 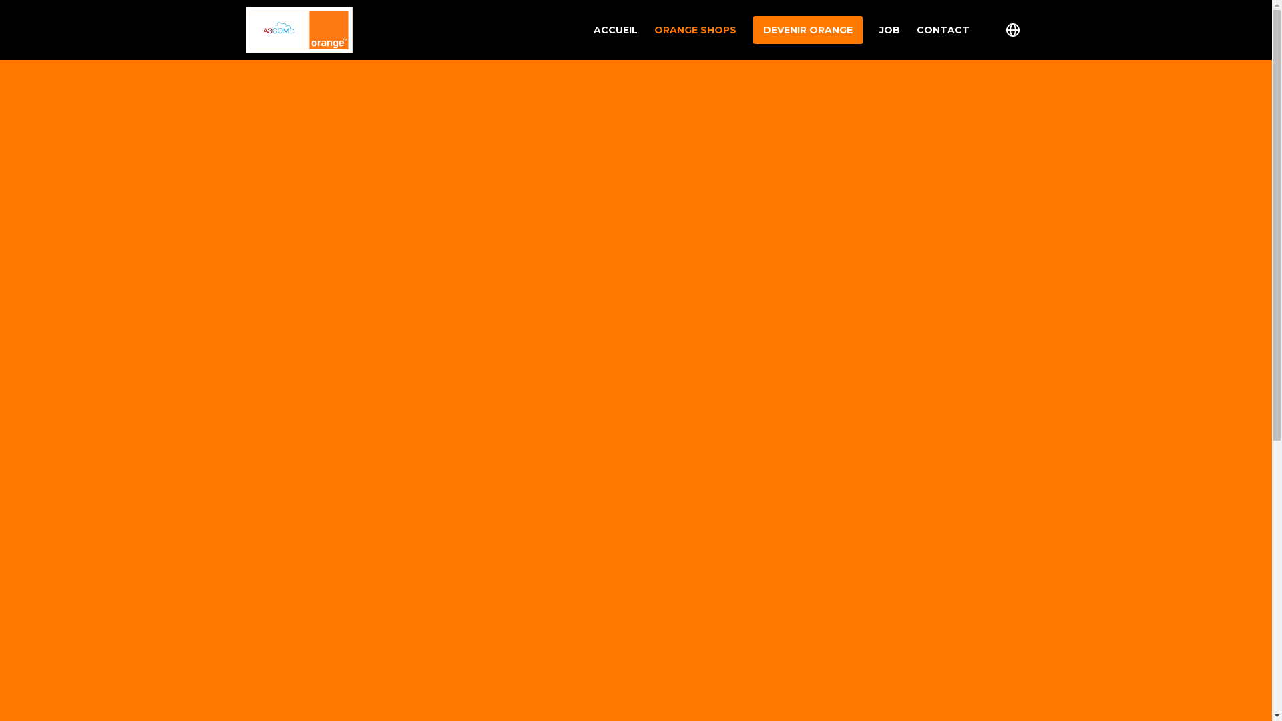 I want to click on 'CONTACT', so click(x=900, y=30).